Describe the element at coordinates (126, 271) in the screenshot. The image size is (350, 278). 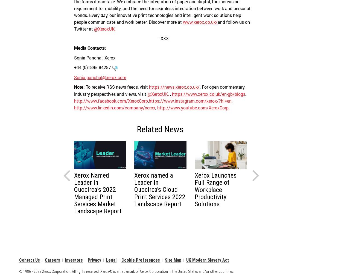
I see `'© 1986 - 2023 Xerox Corporation. All rights reserved. Xerox® is a trademark of Xerox Corporation in the United States and/or other countries.'` at that location.